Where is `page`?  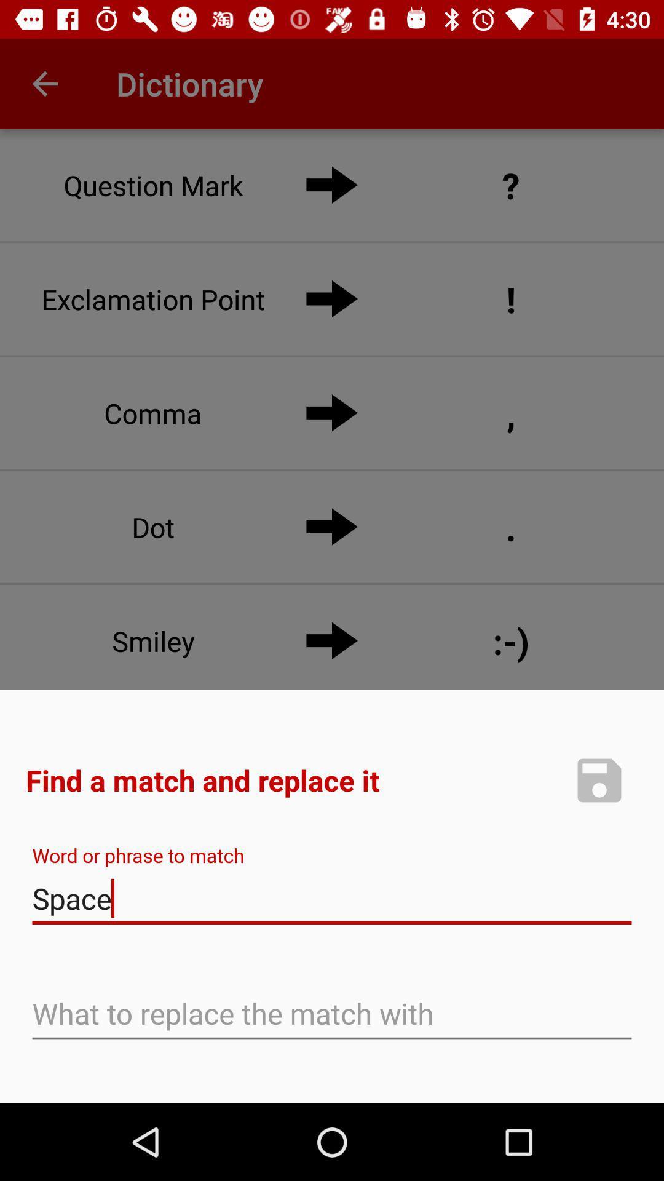
page is located at coordinates (599, 779).